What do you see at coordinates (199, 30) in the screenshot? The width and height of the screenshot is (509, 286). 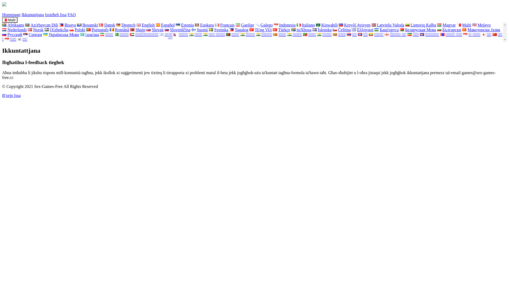 I see `'Suomi'` at bounding box center [199, 30].